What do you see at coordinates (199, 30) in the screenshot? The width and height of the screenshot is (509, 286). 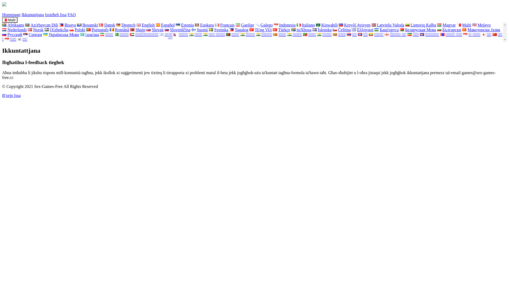 I see `'Suomi'` at bounding box center [199, 30].